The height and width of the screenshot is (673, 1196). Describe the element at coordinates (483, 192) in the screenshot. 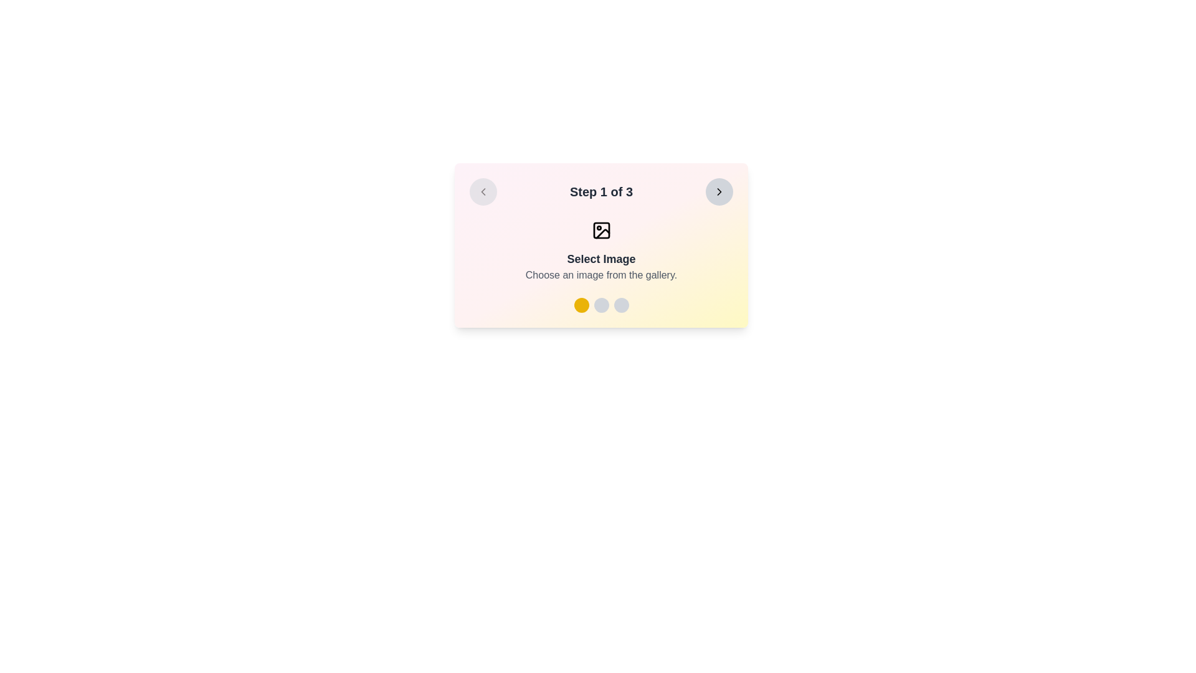

I see `the left-pointing chevron icon enclosed within a circular button, which is part of the step navigation interface` at that location.